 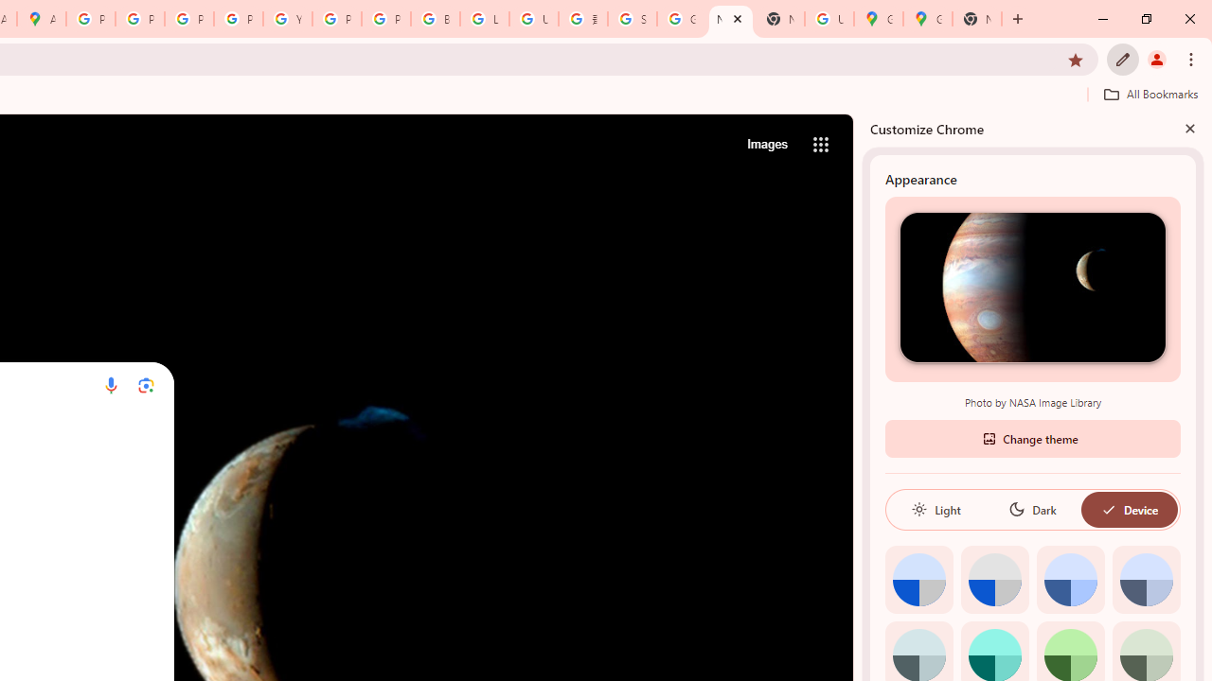 I want to click on 'New Tab', so click(x=977, y=19).